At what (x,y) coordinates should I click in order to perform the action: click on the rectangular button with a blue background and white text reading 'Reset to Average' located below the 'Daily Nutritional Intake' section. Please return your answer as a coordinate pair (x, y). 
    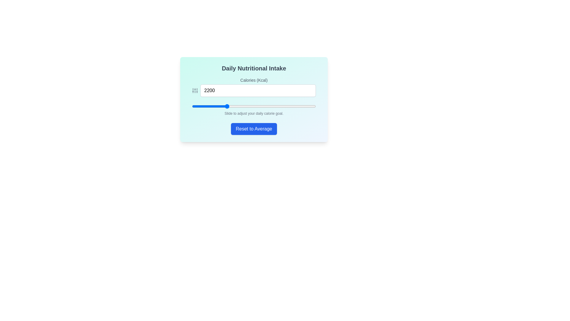
    Looking at the image, I should click on (254, 129).